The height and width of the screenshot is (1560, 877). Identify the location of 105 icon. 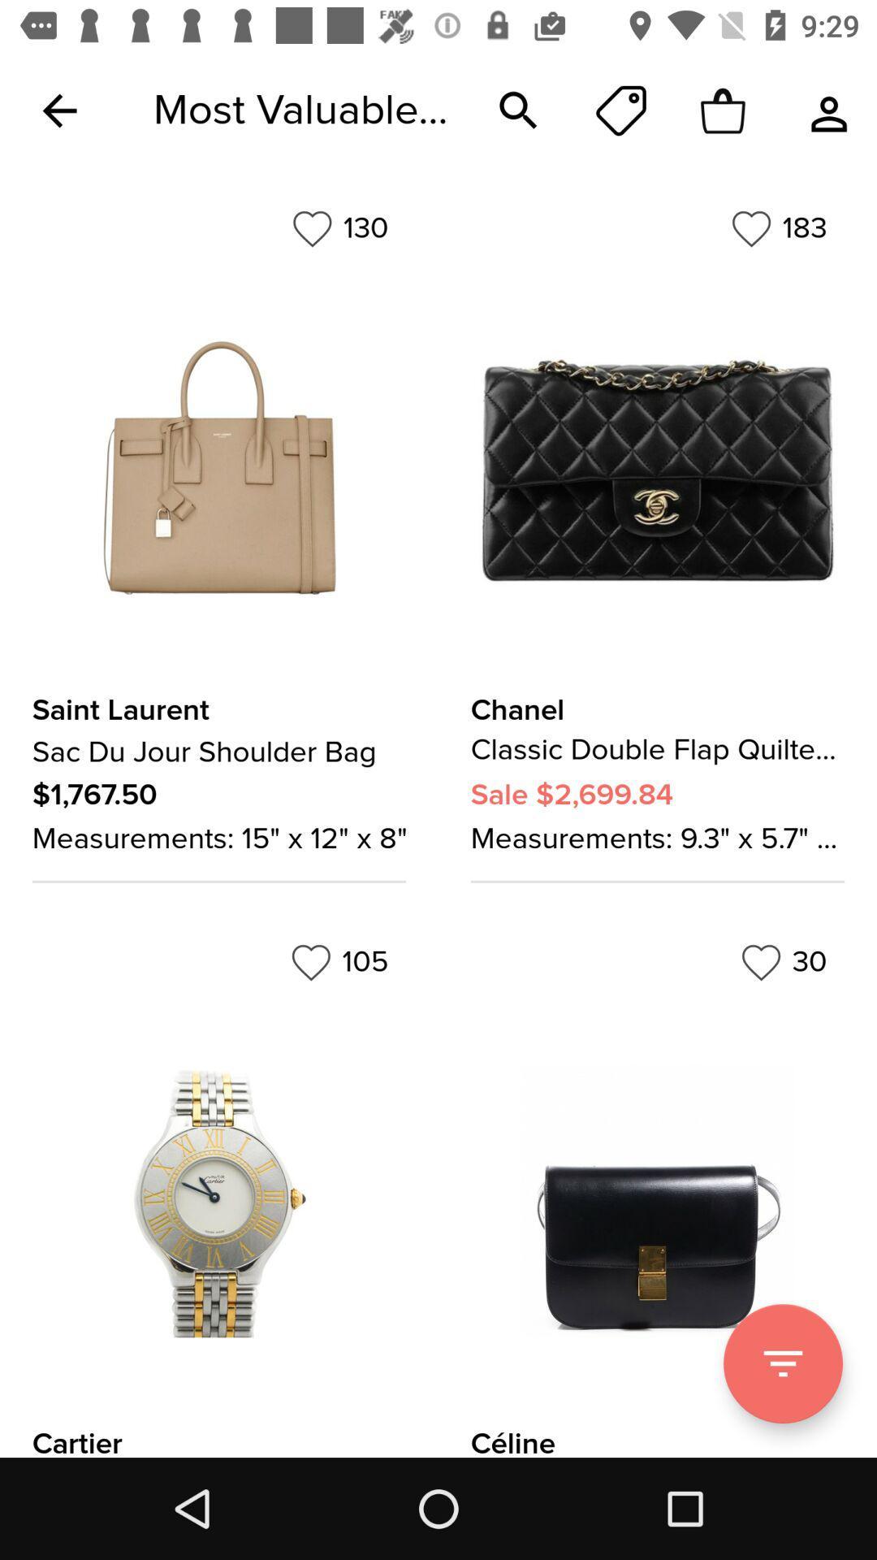
(339, 962).